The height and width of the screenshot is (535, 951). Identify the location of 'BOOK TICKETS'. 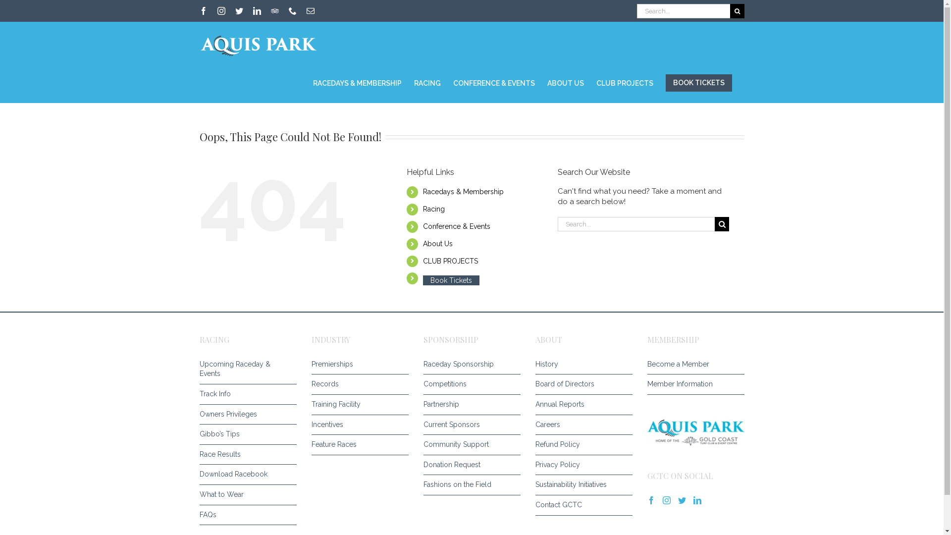
(698, 82).